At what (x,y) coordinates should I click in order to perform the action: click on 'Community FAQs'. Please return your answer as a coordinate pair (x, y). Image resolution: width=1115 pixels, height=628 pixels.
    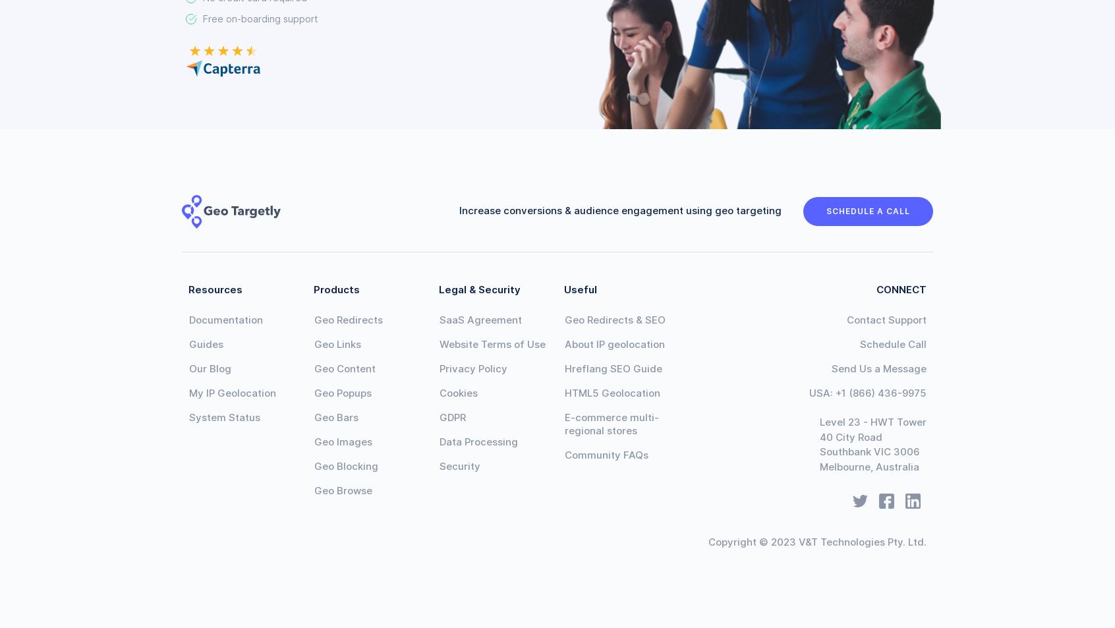
    Looking at the image, I should click on (563, 455).